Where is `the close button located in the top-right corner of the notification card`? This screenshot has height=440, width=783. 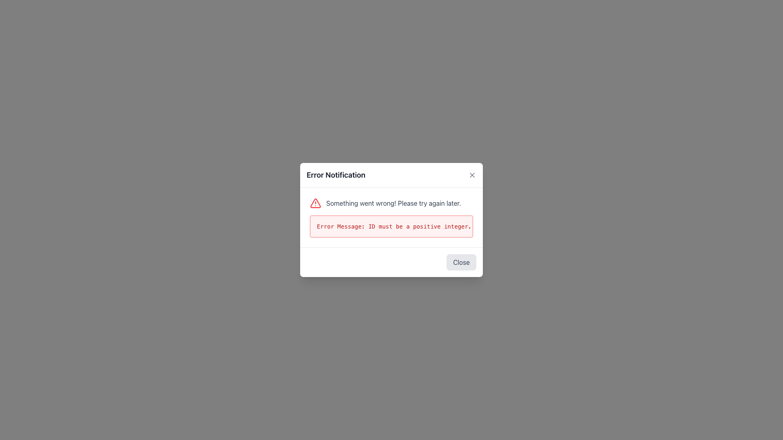 the close button located in the top-right corner of the notification card is located at coordinates (472, 174).